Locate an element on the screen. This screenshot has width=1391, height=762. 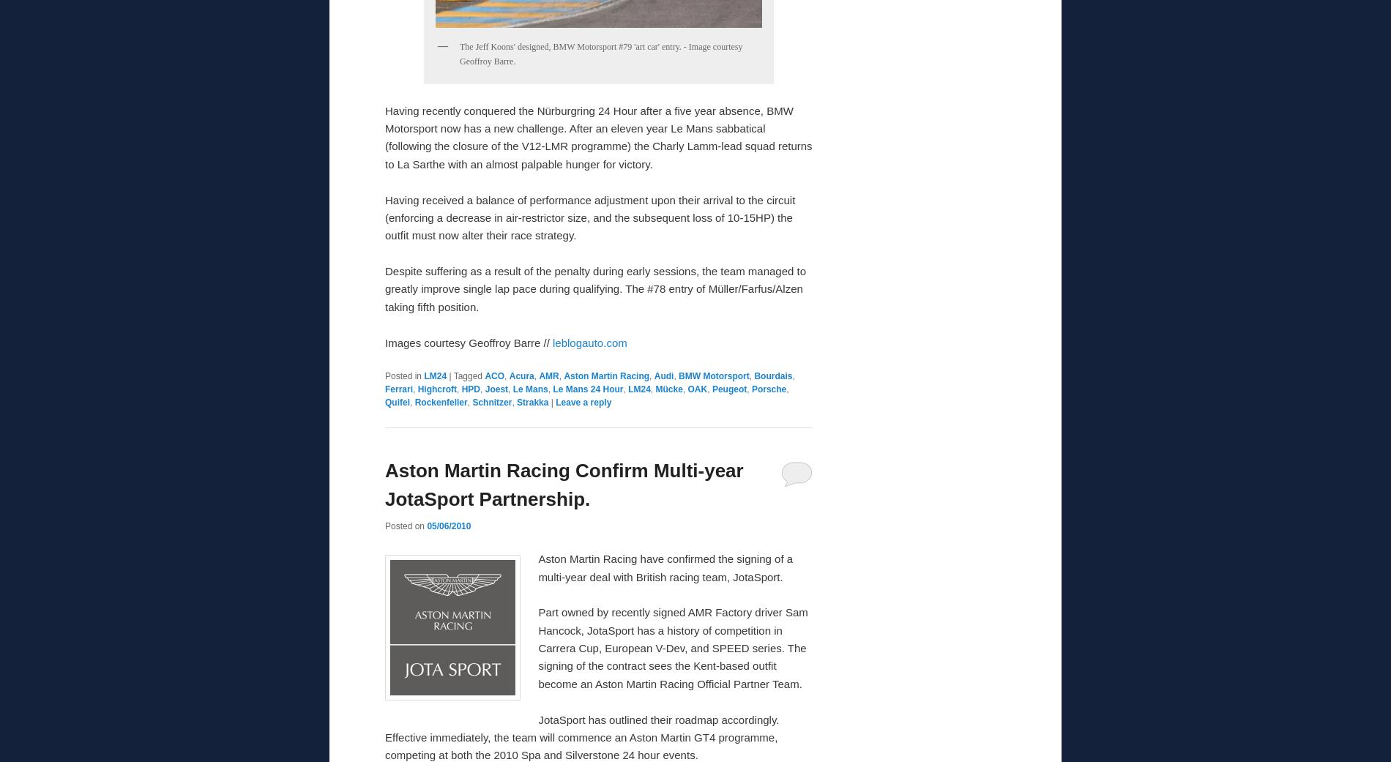
'Part owned by recently signed AMR Factory driver Sam Hancock, JotaSport has a history of competition in Carrera Cup, European V-Dev, and SPEED series. The signing of the contract sees the Kent-based outfit become an Aston Martin Racing Official Partner Team.' is located at coordinates (672, 646).